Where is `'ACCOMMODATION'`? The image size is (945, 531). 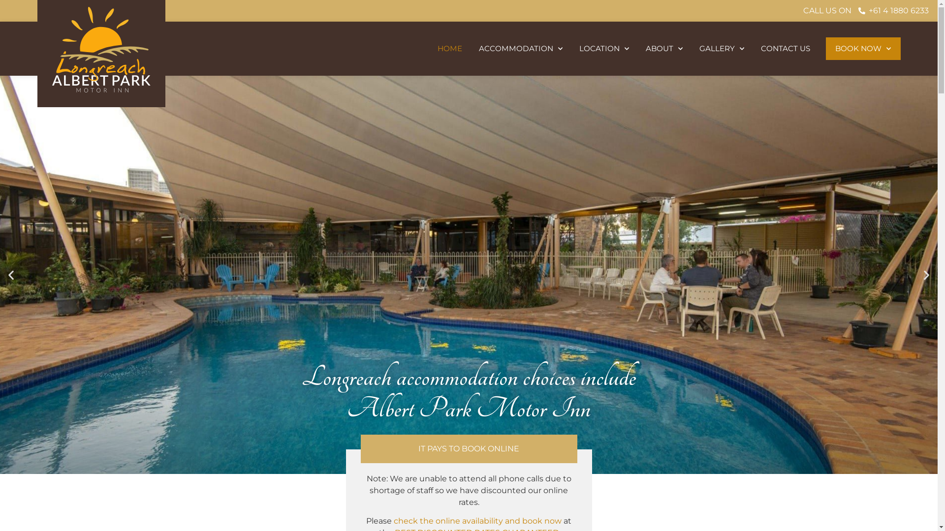 'ACCOMMODATION' is located at coordinates (470, 49).